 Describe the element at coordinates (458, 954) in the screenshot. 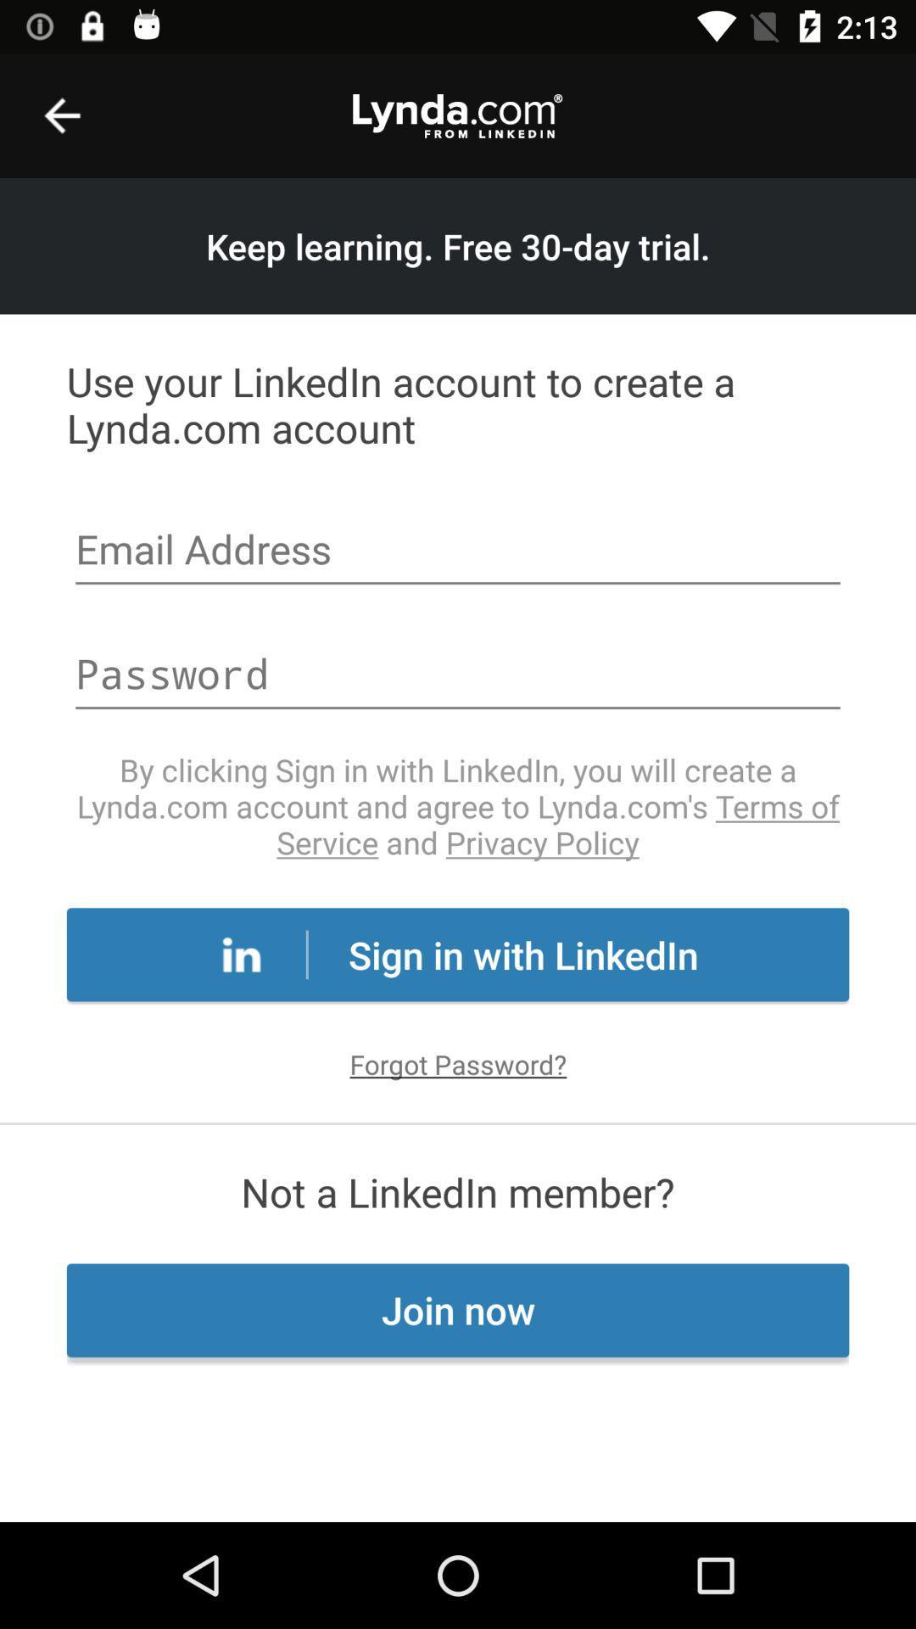

I see `the button above forgot password` at that location.